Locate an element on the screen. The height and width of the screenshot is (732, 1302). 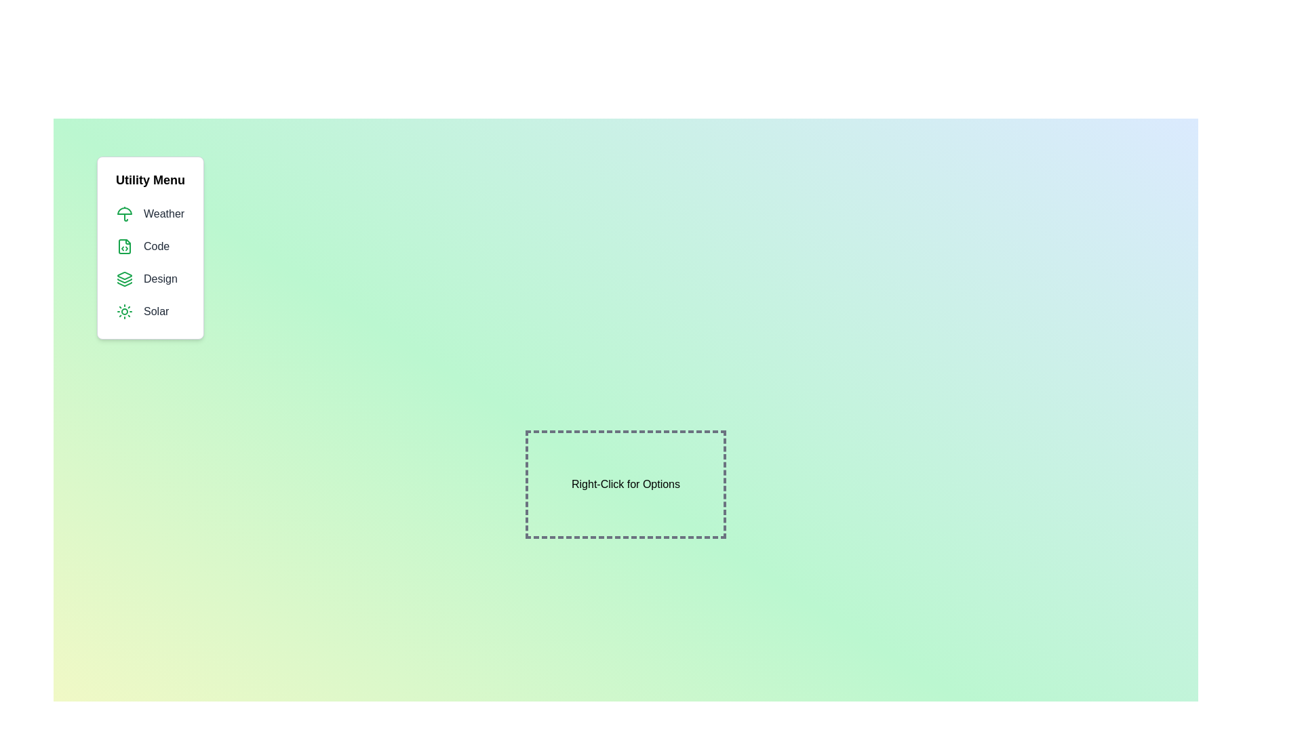
the dashed box to toggle the menu visibility is located at coordinates (625, 483).